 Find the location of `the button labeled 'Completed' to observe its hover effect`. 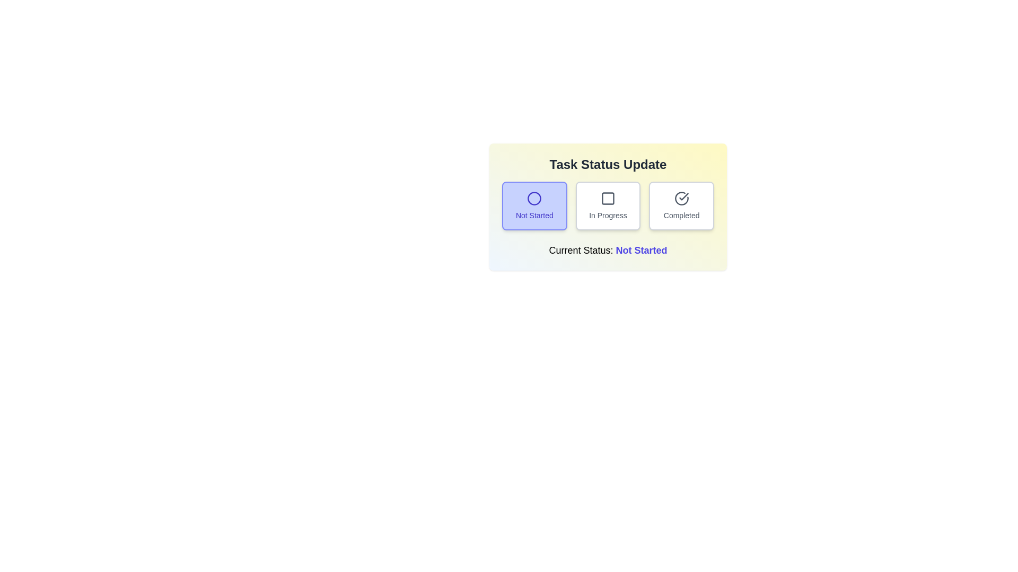

the button labeled 'Completed' to observe its hover effect is located at coordinates (682, 206).